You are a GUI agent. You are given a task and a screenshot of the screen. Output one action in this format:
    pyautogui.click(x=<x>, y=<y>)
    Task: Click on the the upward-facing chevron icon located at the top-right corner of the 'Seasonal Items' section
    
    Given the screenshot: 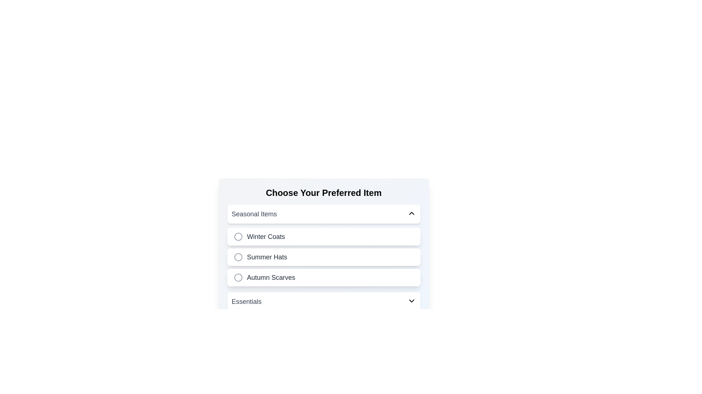 What is the action you would take?
    pyautogui.click(x=411, y=213)
    